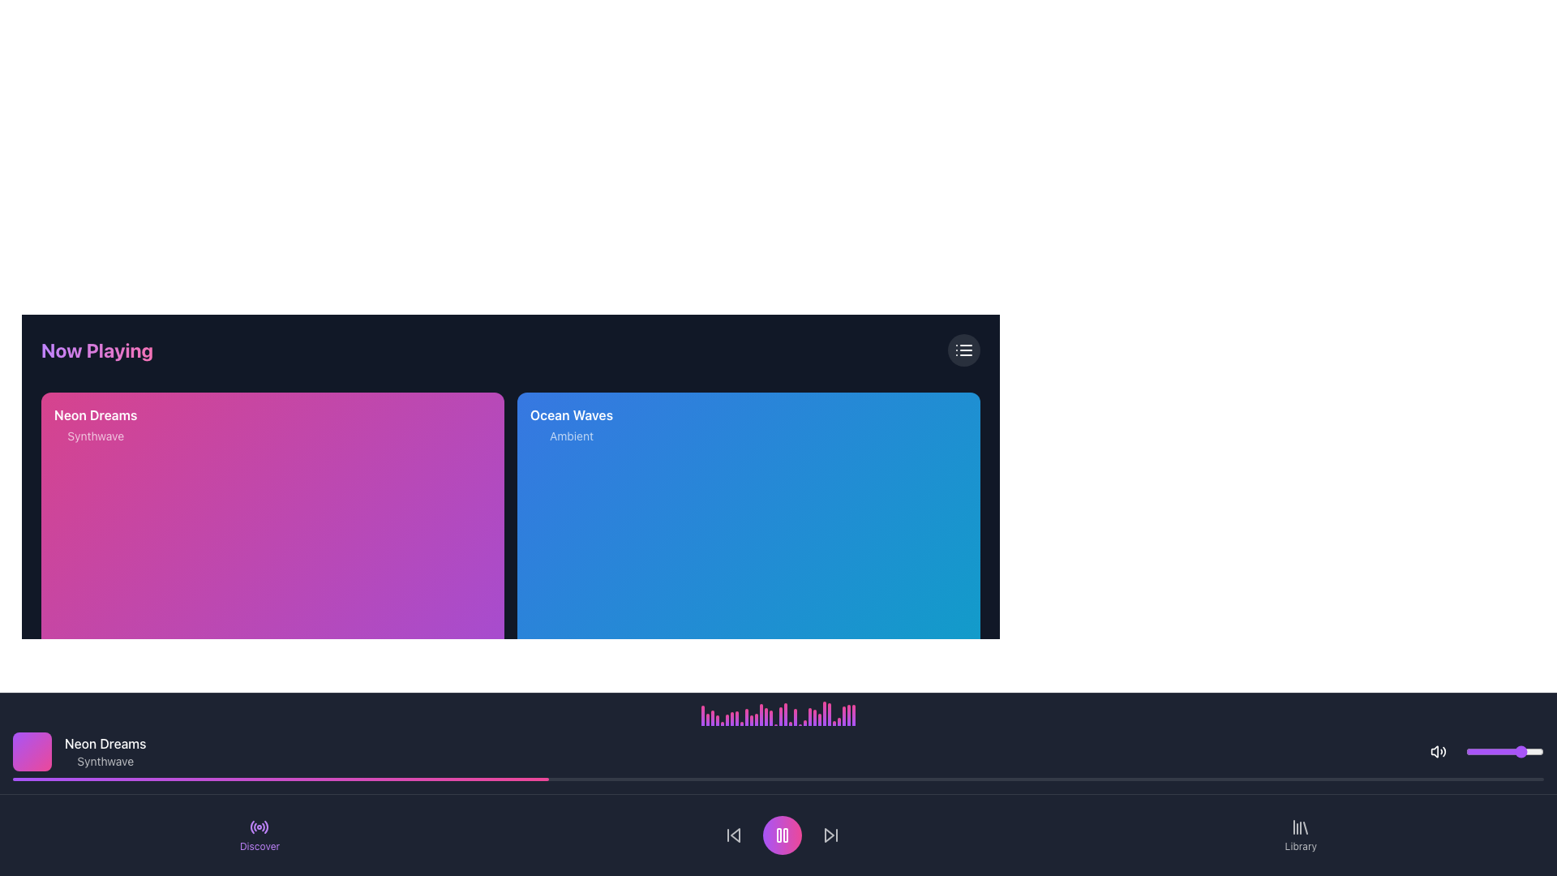 The width and height of the screenshot is (1557, 876). What do you see at coordinates (834, 721) in the screenshot?
I see `height of the 28th vertical bar element in the histogram, which is styled with a gradient fill from purple to pink and has a rounded top` at bounding box center [834, 721].